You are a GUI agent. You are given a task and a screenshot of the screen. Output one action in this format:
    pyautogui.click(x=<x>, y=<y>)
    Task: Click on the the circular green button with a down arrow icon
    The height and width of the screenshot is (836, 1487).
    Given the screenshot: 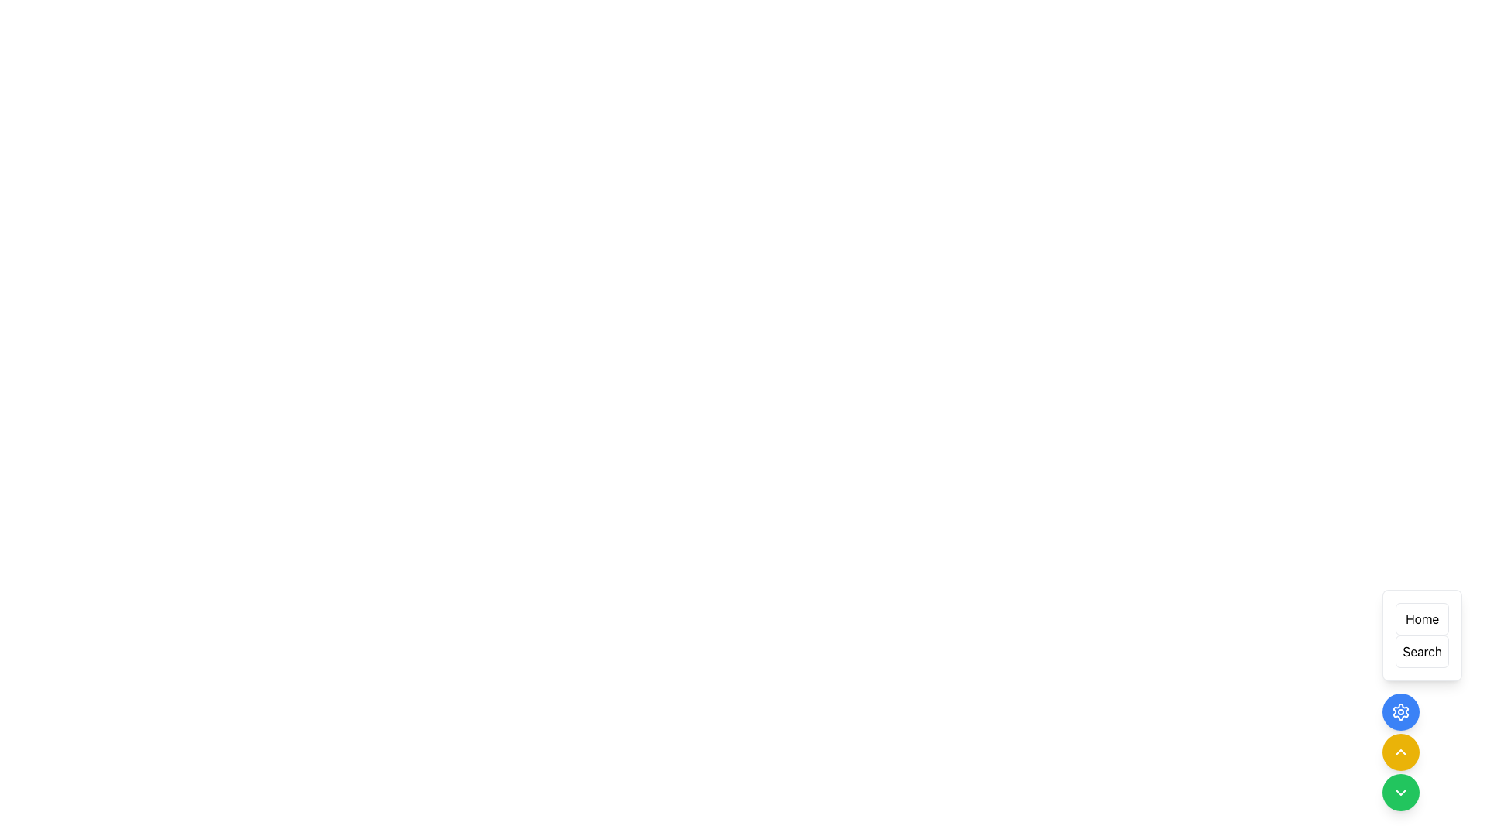 What is the action you would take?
    pyautogui.click(x=1401, y=792)
    